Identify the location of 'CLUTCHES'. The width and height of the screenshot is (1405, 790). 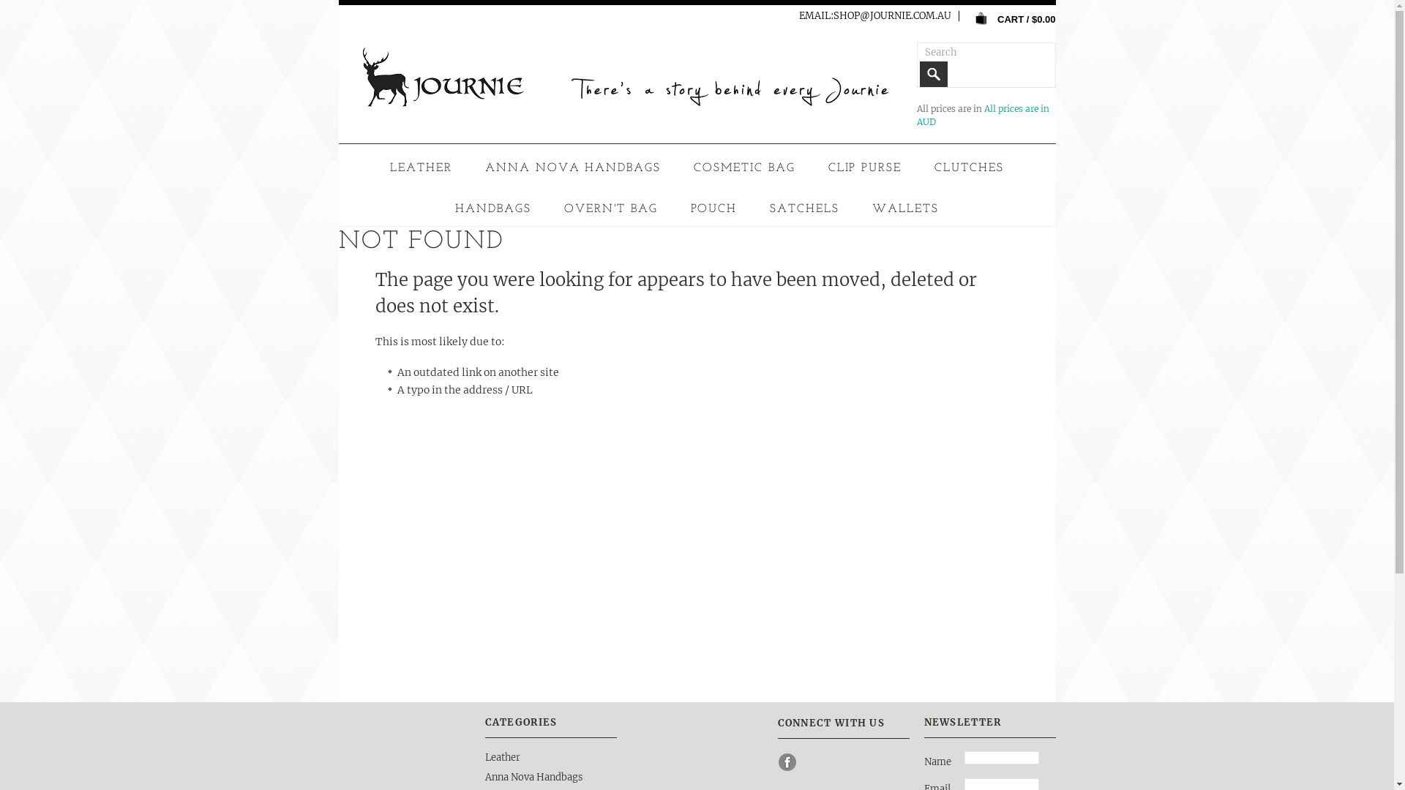
(969, 168).